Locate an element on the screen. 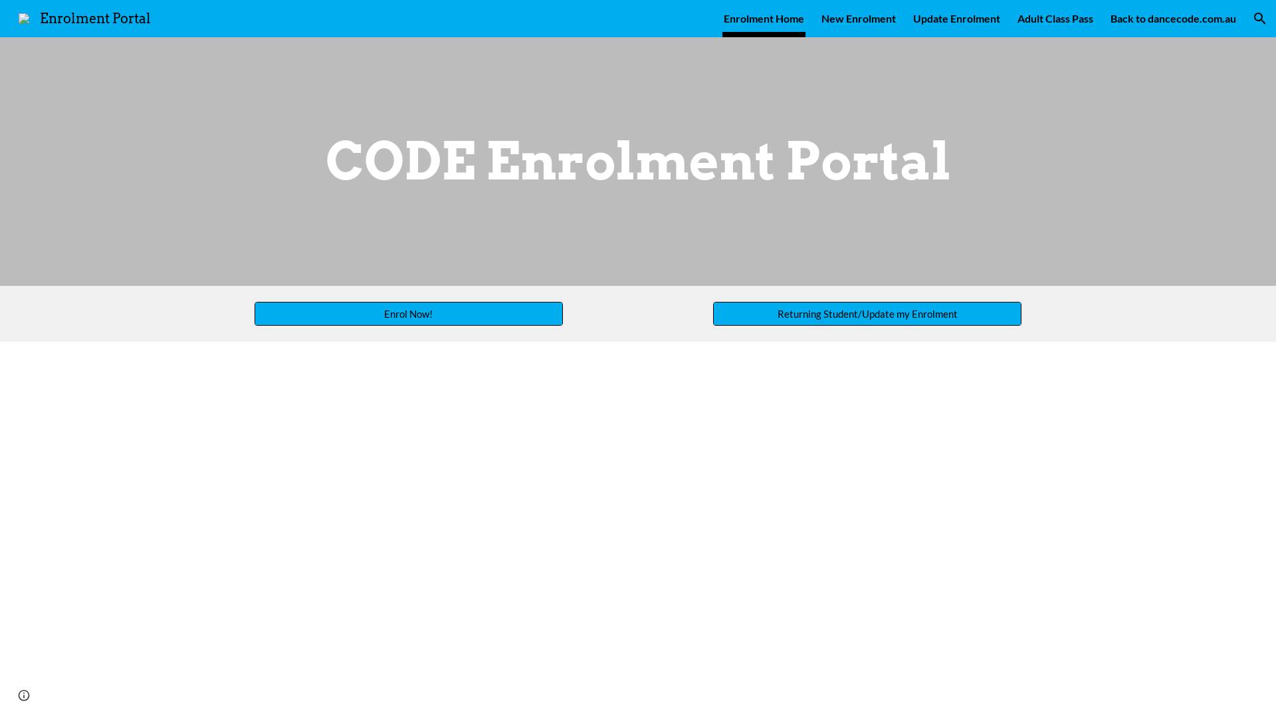 This screenshot has height=718, width=1276. 'Enrol Now!' is located at coordinates (407, 313).